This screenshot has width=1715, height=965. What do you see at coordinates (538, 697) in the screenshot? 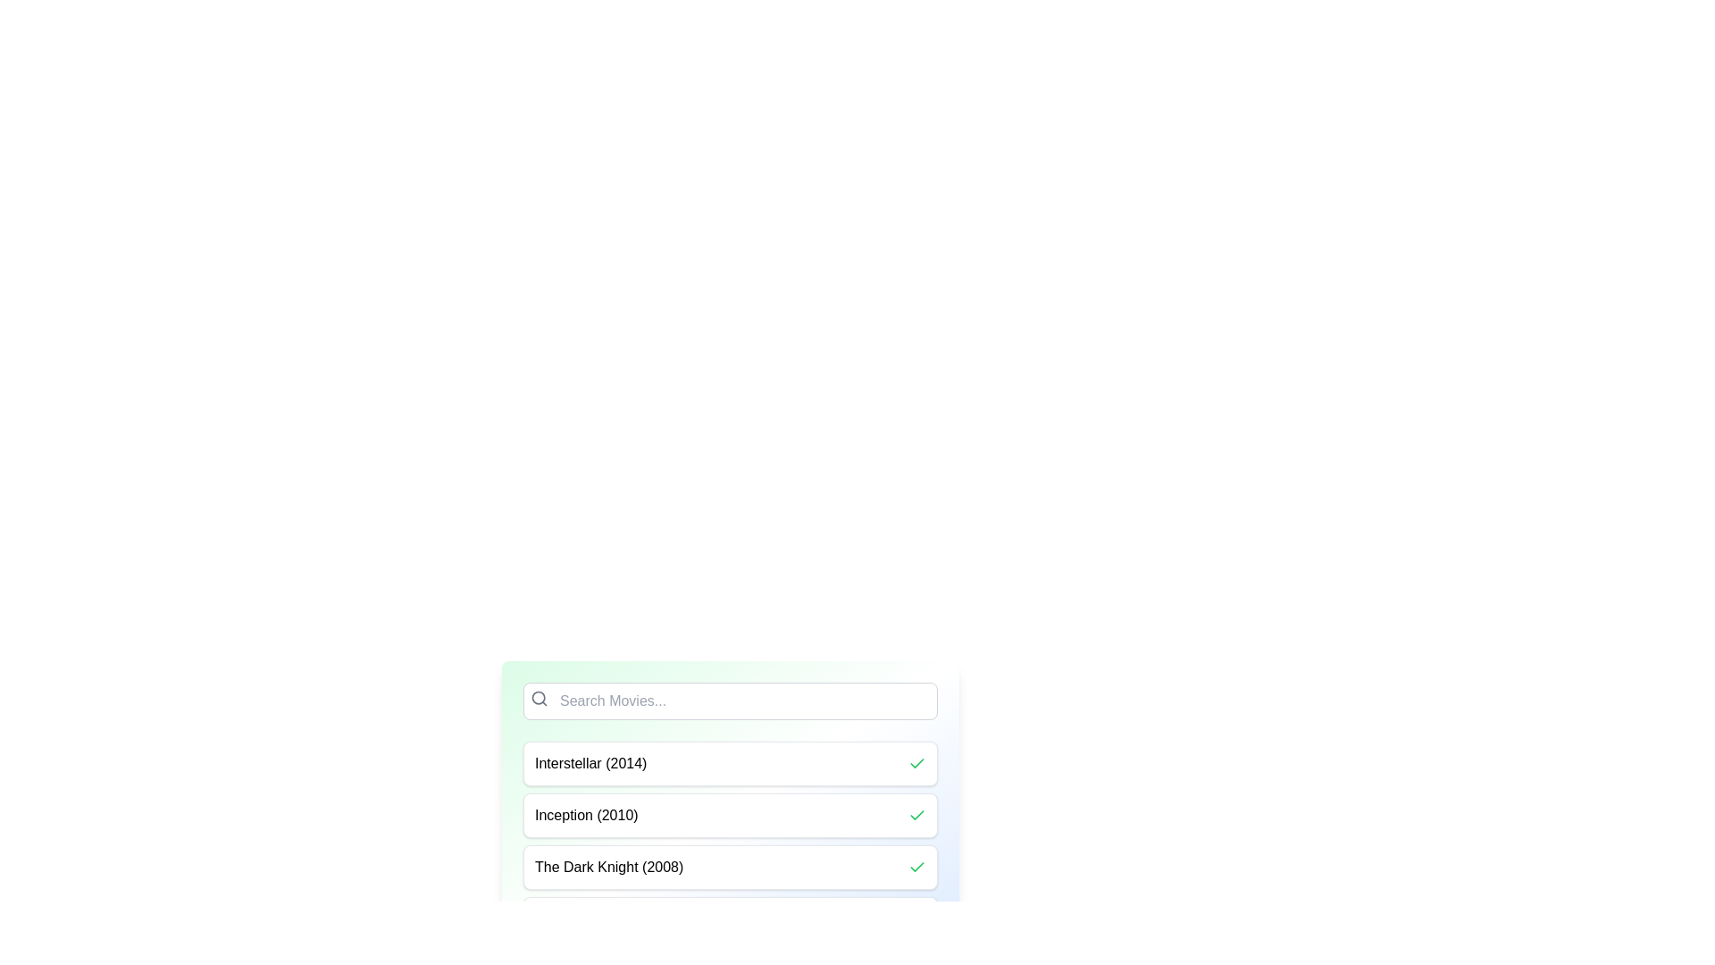
I see `the circular part of the magnifying glass icon located within the top-left region of the search input field` at bounding box center [538, 697].